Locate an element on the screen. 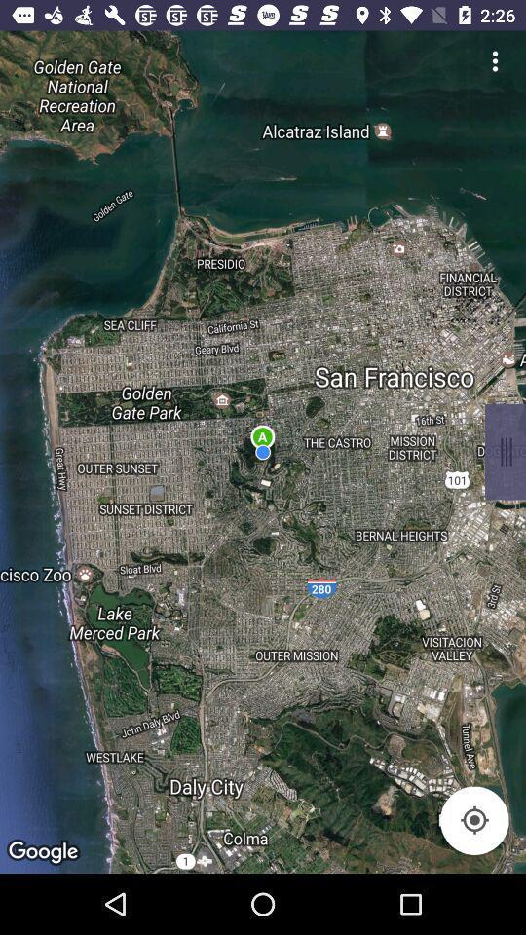 The width and height of the screenshot is (526, 935). the sliders icon is located at coordinates (505, 452).